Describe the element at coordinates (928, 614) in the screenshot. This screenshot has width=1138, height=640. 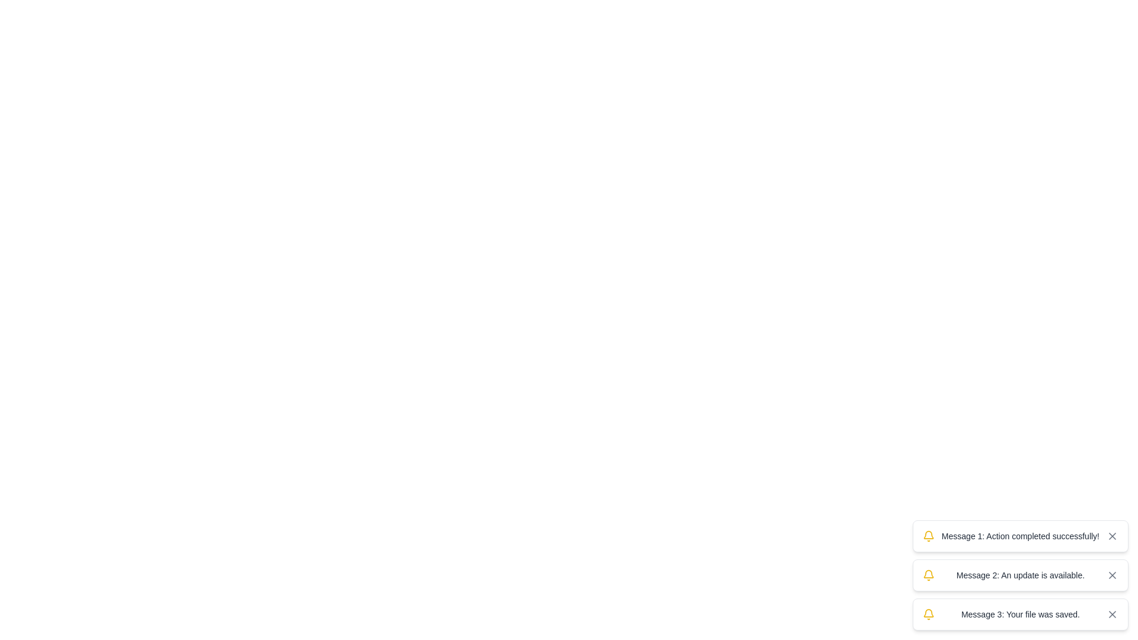
I see `the notification indicator icon located at the leftmost part of the third notification card, adjacent to the text 'Message 3: Your file was saved.'` at that location.